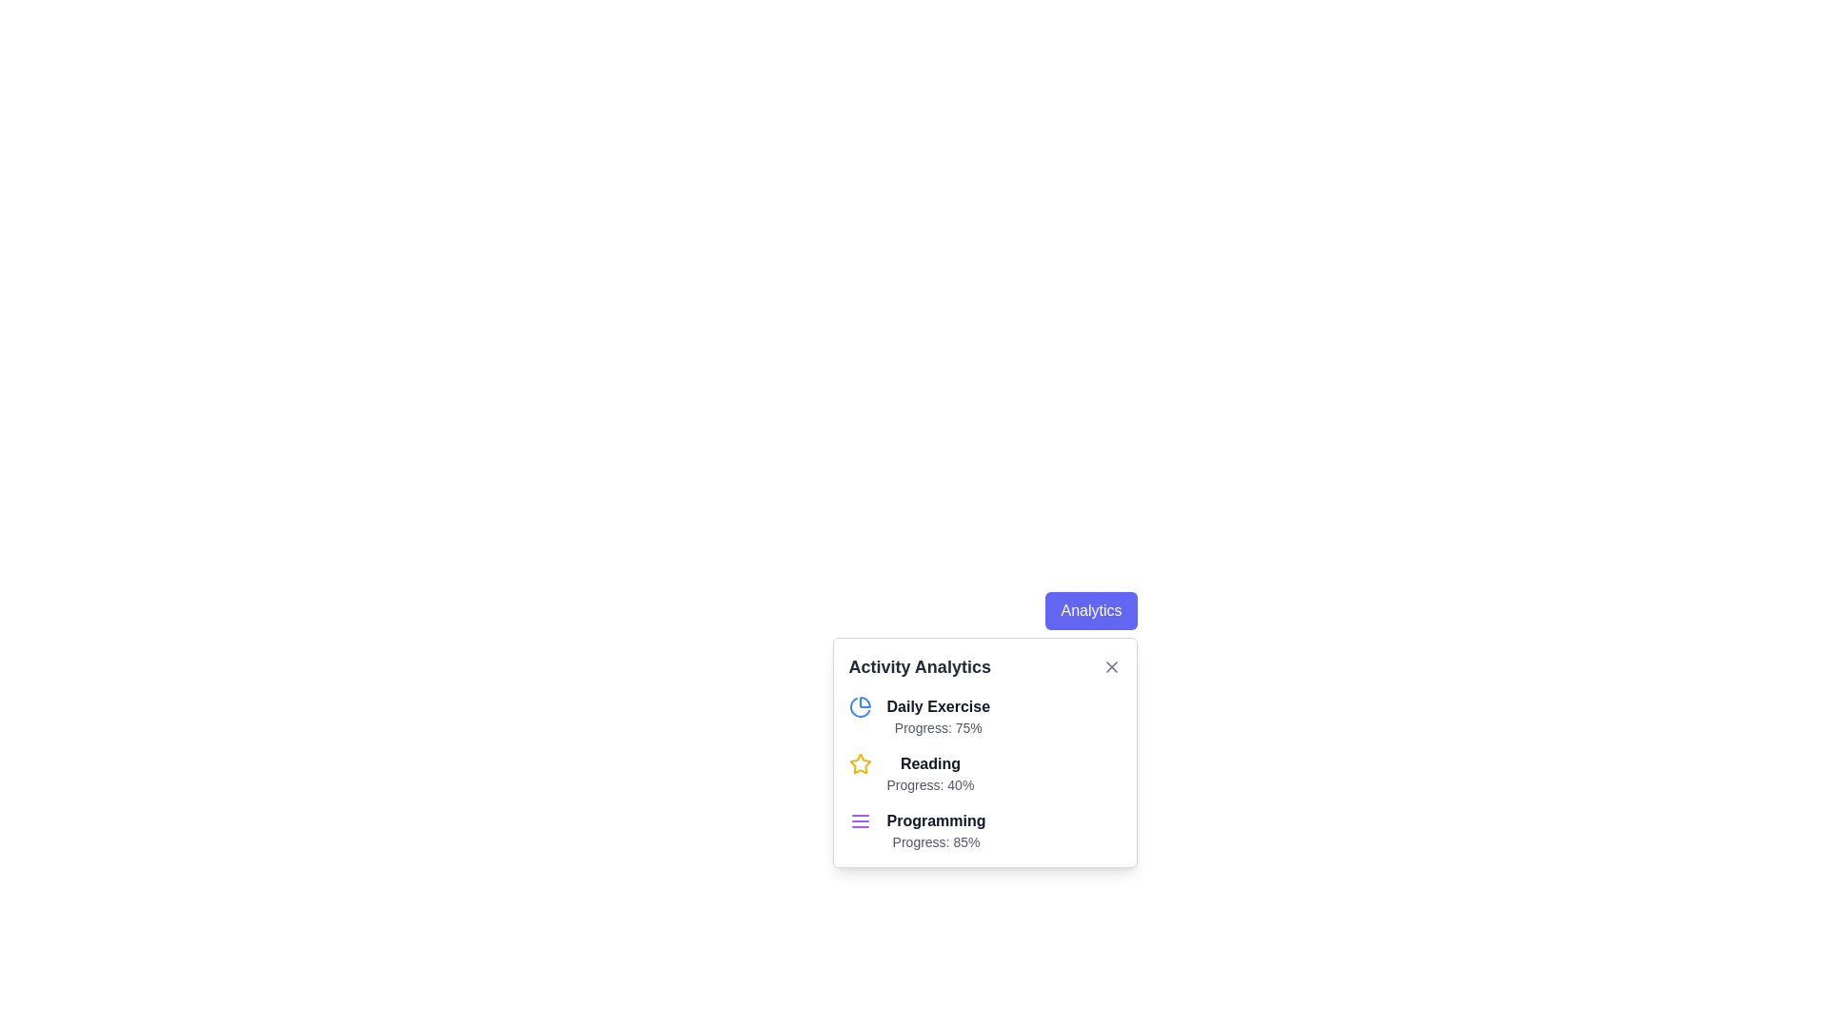 This screenshot has height=1028, width=1828. What do you see at coordinates (859, 820) in the screenshot?
I see `the 'Programming' section icon in the 'Activity Analytics' panel, which is located next to the text 'Programming Progress: 85%'` at bounding box center [859, 820].